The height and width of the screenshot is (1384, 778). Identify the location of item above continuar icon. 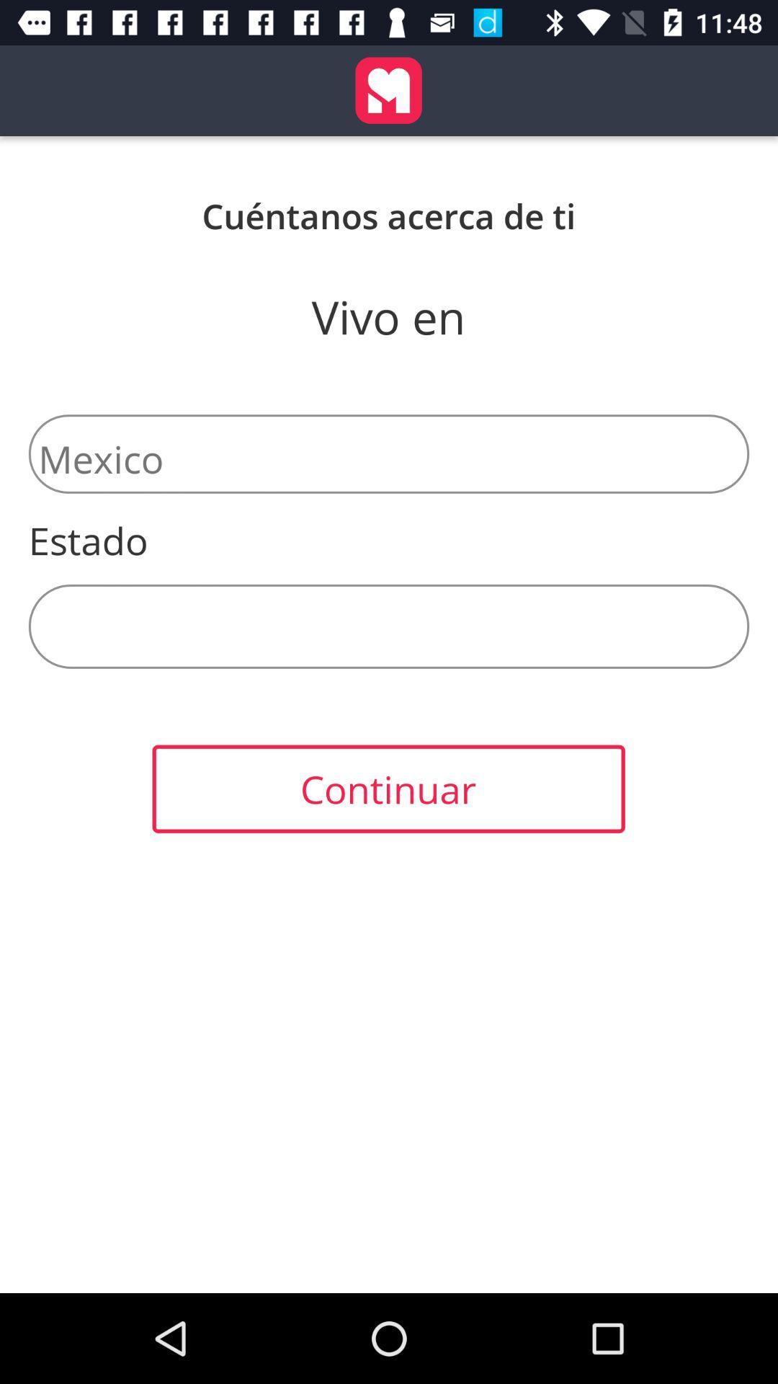
(389, 626).